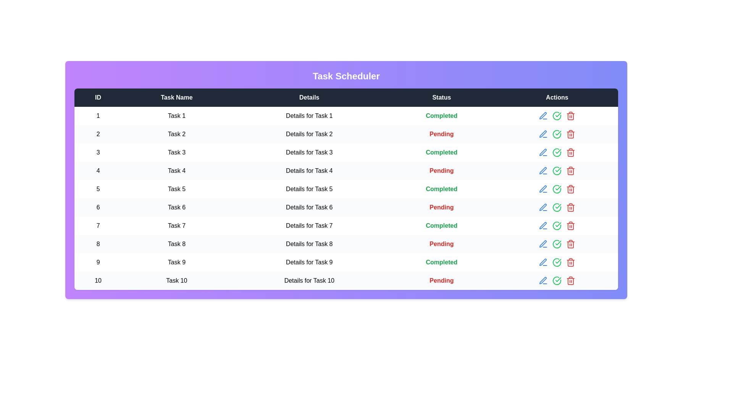 The image size is (733, 412). I want to click on the column header Status to sort the tasks by that column, so click(441, 97).